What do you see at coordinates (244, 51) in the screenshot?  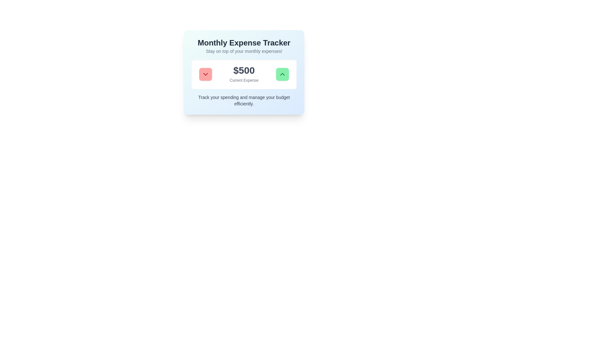 I see `the small-sized text label displaying 'Stay on top of your monthly expenses!' which is positioned below the header 'Monthly Expense Tracker'` at bounding box center [244, 51].